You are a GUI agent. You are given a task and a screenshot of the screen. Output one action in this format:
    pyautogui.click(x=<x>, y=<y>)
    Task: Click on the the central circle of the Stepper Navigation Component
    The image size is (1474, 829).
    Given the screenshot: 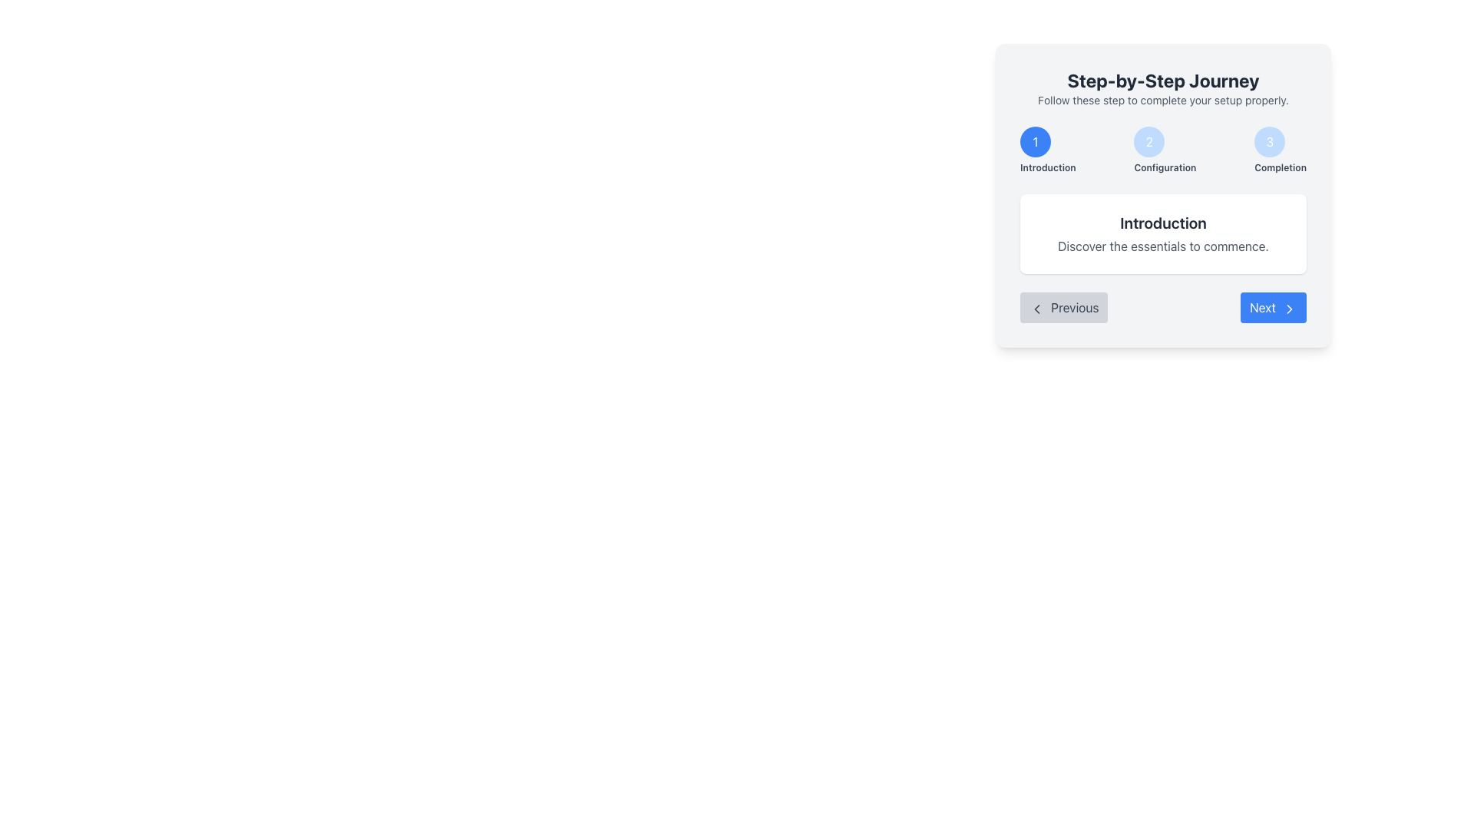 What is the action you would take?
    pyautogui.click(x=1163, y=150)
    